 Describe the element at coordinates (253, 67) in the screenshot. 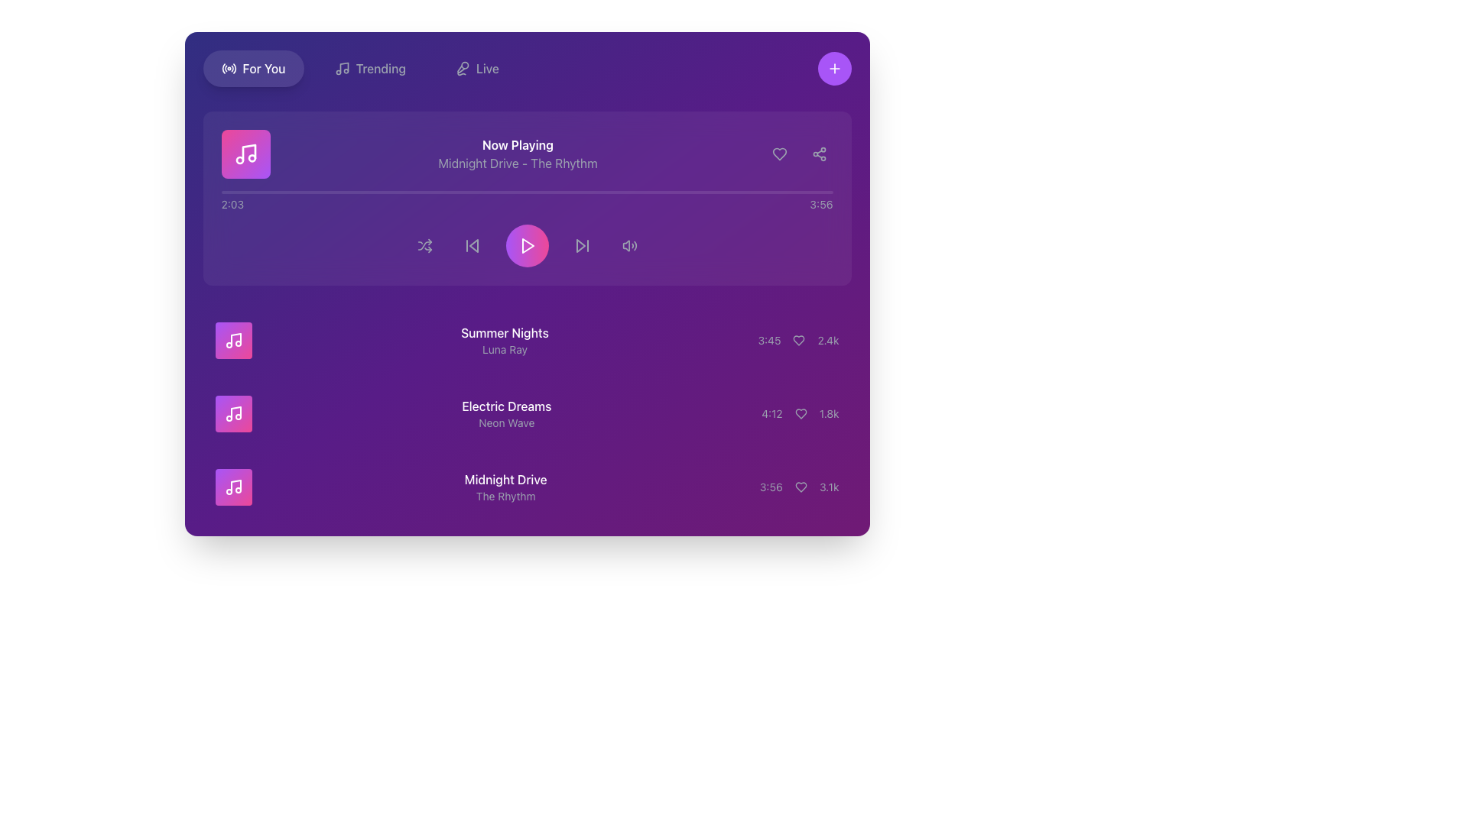

I see `the 'For You' button, which is the first button in a row of buttons, characterized by its rounded rectangular shape, light gray background, and white text with a radio signal icon` at that location.